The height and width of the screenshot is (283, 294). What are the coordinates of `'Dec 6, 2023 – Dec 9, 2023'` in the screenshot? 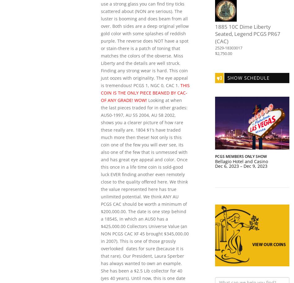 It's located at (241, 166).